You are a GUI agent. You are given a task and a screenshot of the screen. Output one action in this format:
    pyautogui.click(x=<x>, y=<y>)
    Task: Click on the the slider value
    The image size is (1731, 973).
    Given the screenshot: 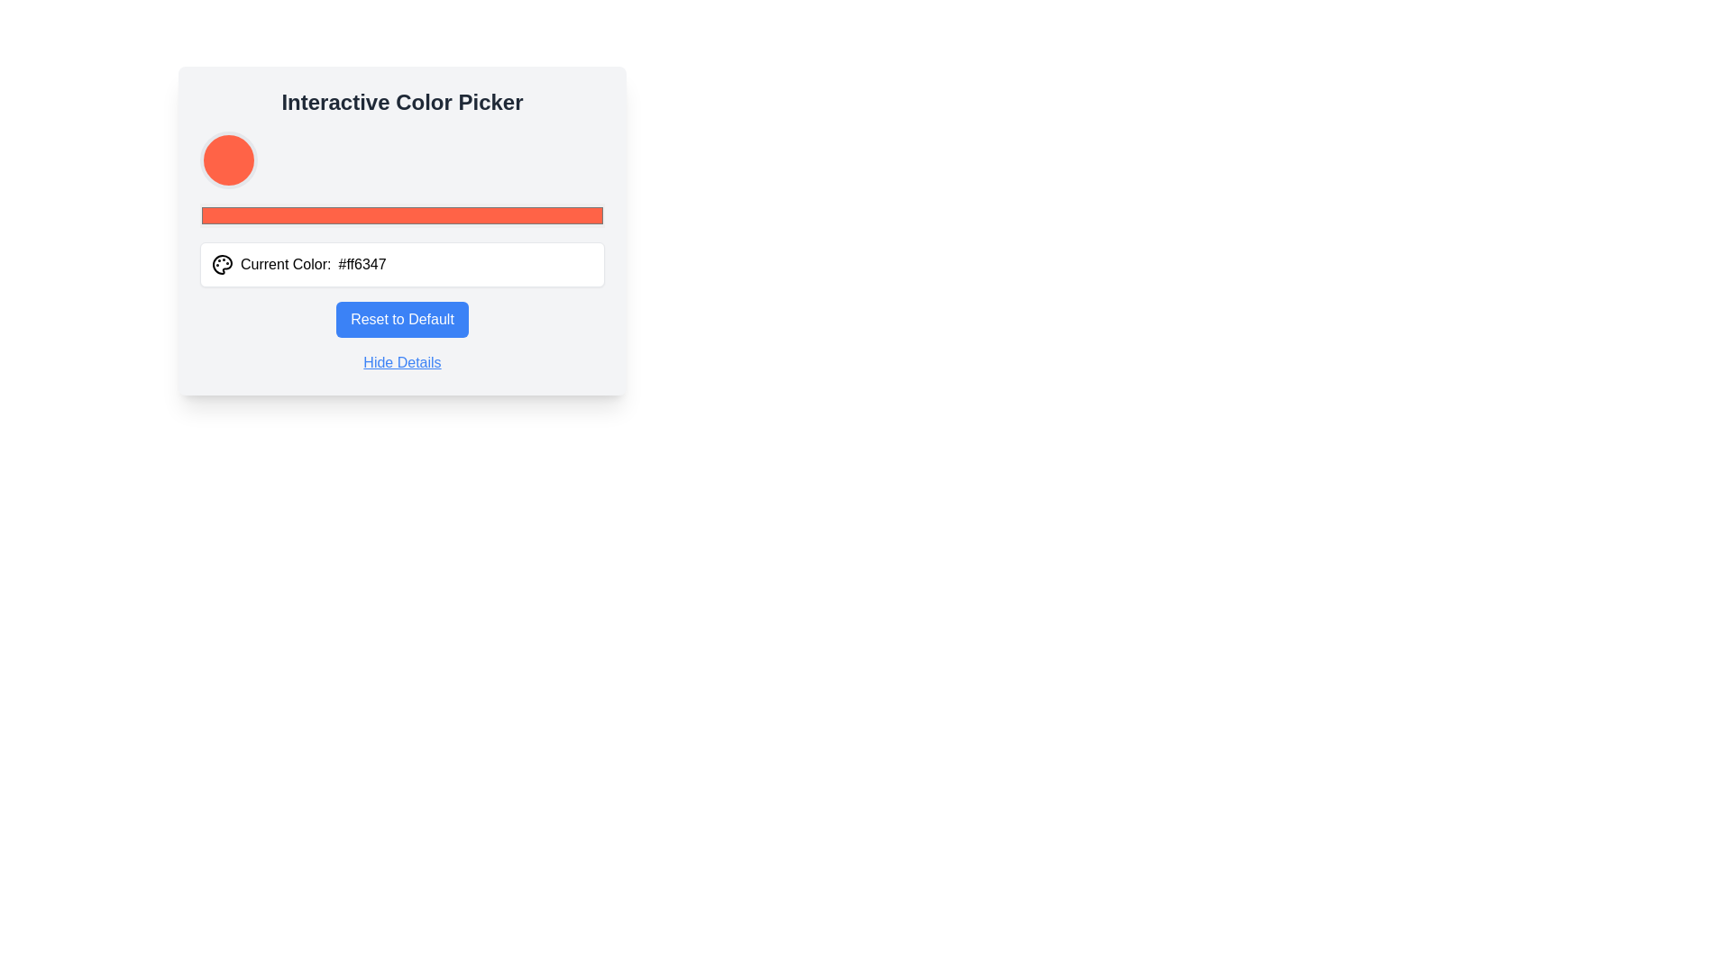 What is the action you would take?
    pyautogui.click(x=358, y=214)
    